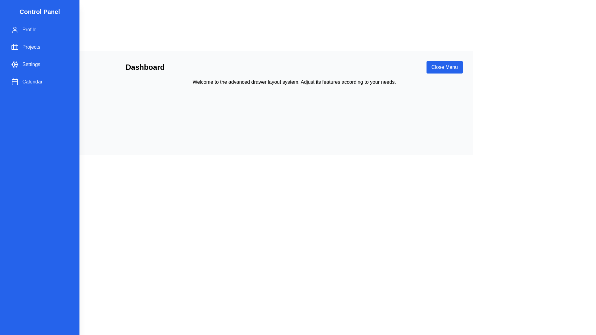 This screenshot has height=335, width=596. Describe the element at coordinates (39, 12) in the screenshot. I see `the heading or title text in the sidebar that indicates the context or purpose of the options listed below it` at that location.